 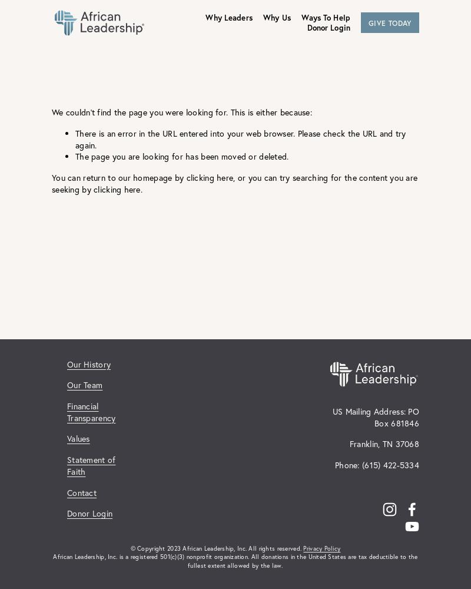 I want to click on 'GIVE TODAY', so click(x=367, y=22).